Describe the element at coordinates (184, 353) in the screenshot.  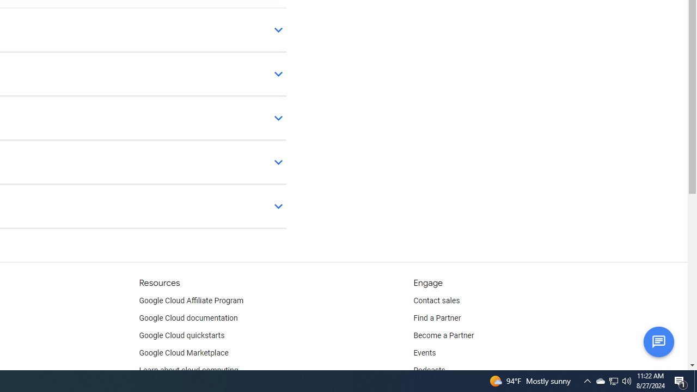
I see `'Google Cloud Marketplace'` at that location.